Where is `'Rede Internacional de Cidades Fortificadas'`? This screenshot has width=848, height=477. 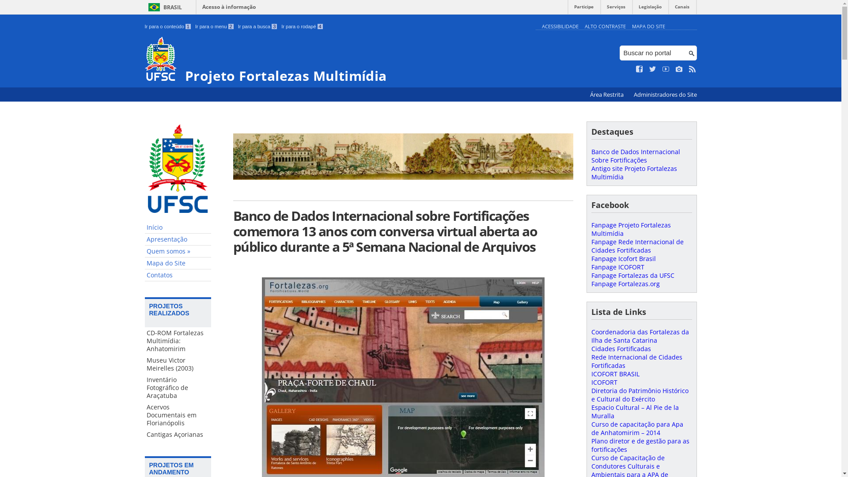
'Rede Internacional de Cidades Fortificadas' is located at coordinates (636, 361).